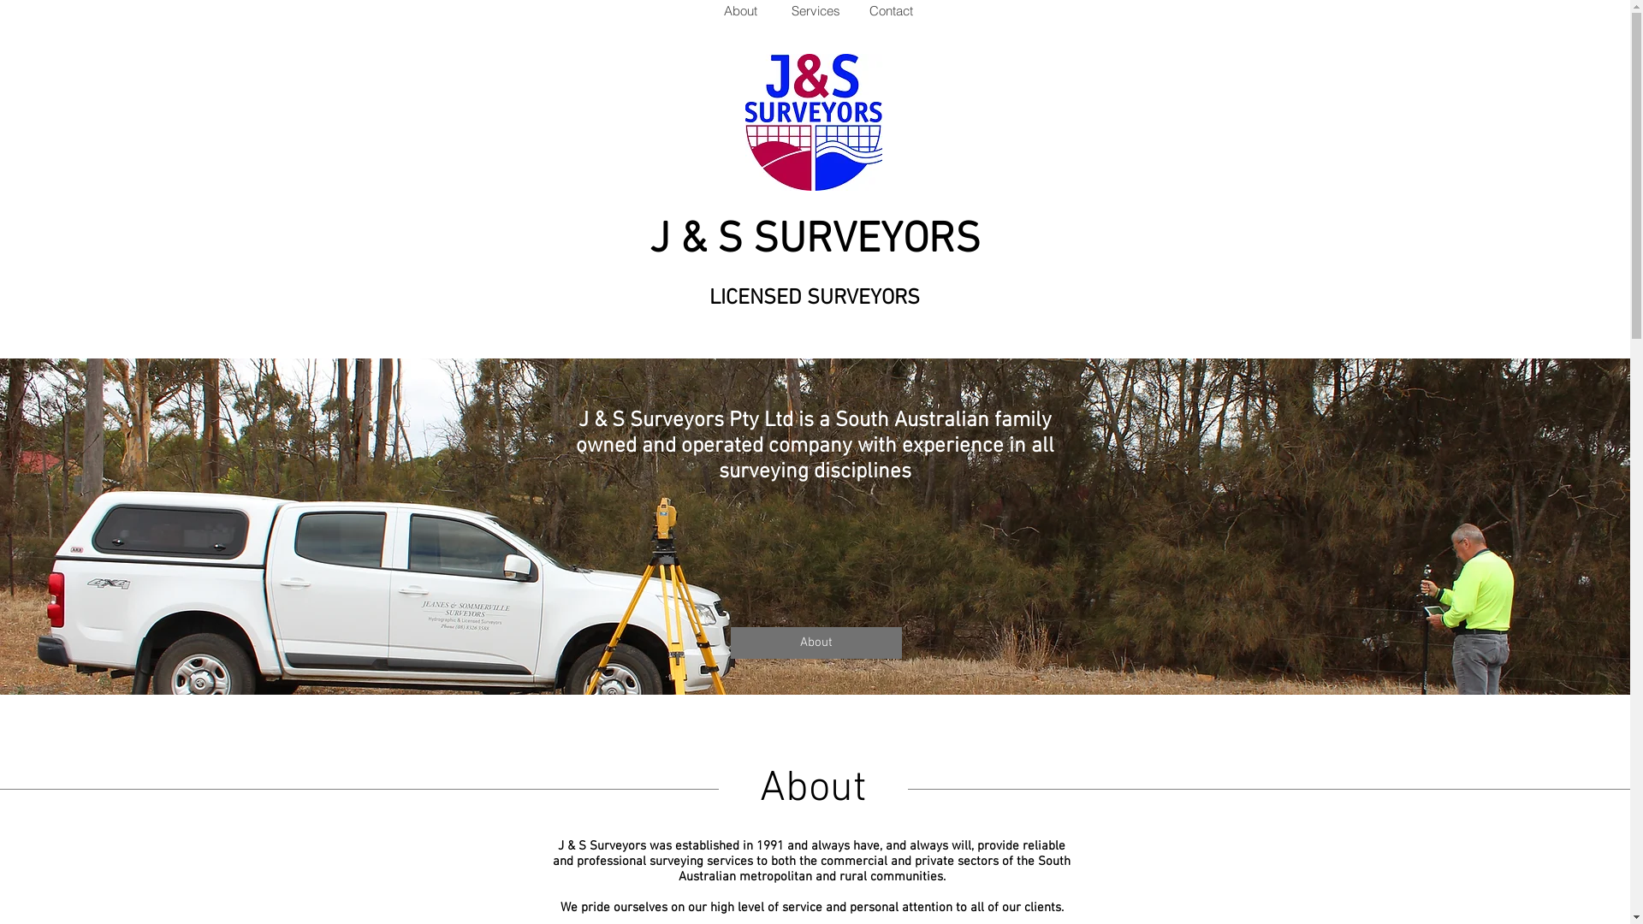 This screenshot has height=924, width=1643. I want to click on 'About', so click(816, 643).